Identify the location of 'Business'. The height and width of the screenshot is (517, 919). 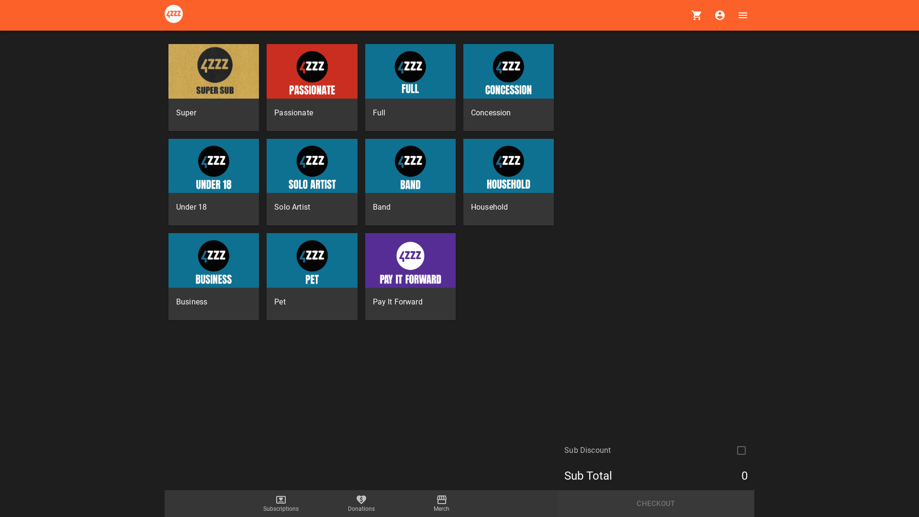
(213, 277).